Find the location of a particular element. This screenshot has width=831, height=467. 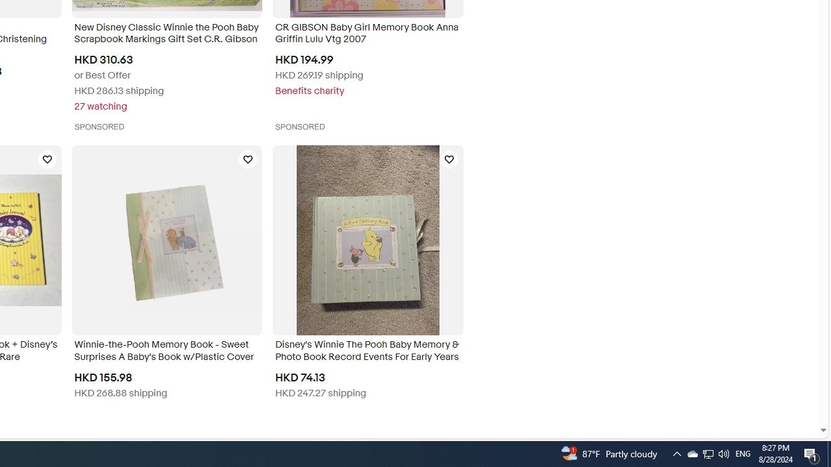

'CR GIBSON Baby Girl Memory Book Anna Griffin Lulu Vtg 2007' is located at coordinates (367, 34).